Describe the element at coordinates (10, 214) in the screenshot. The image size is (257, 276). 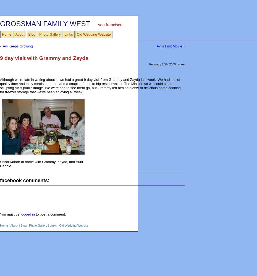
I see `'You must be'` at that location.